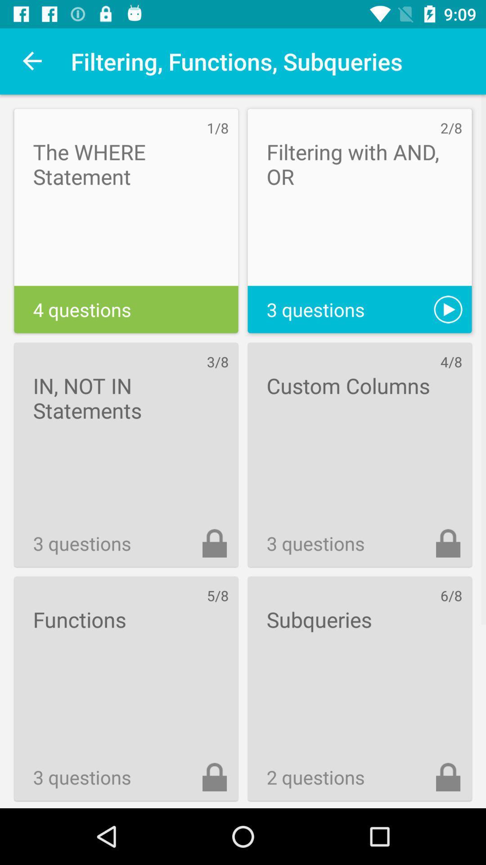 This screenshot has width=486, height=865. I want to click on the item next to the filtering, functions, subqueries, so click(32, 61).